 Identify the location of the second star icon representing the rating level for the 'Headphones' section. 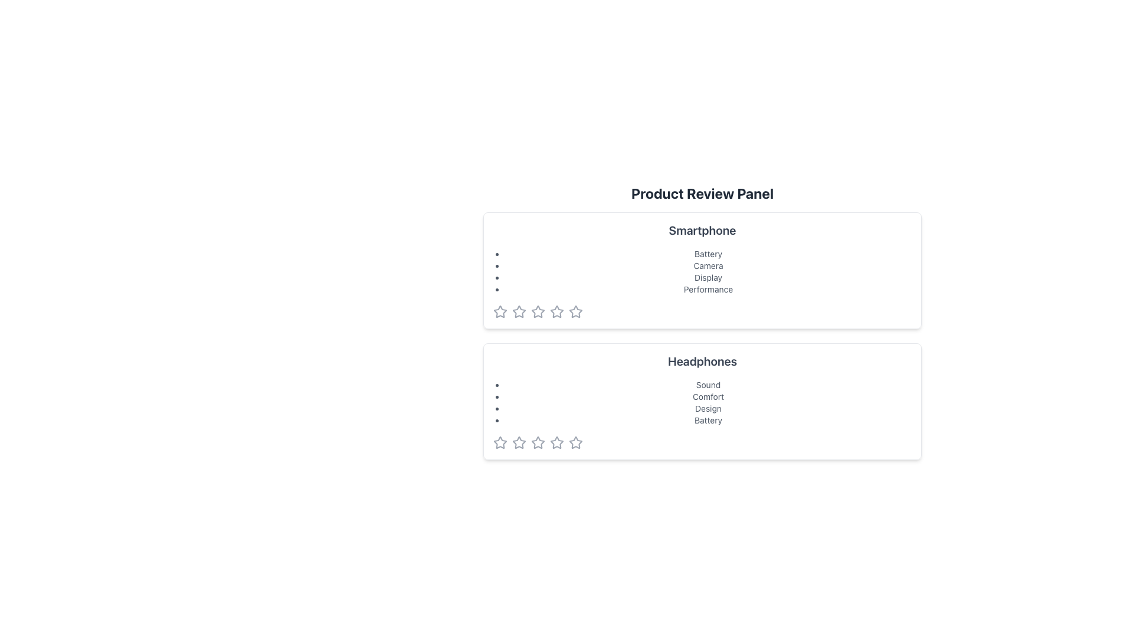
(538, 442).